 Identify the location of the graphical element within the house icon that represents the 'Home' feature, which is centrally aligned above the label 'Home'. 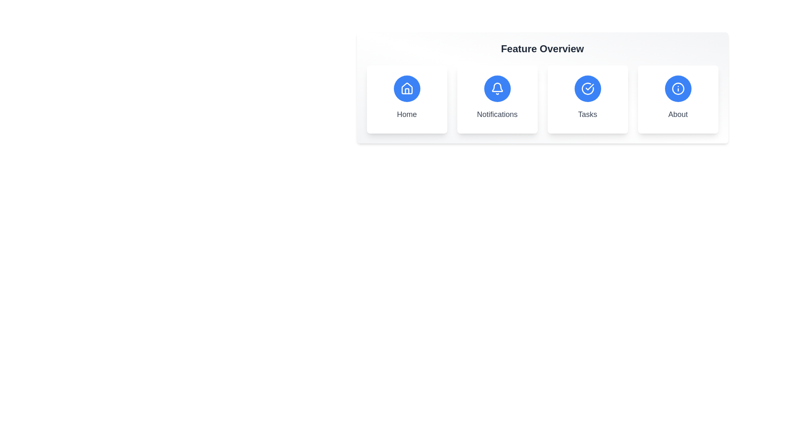
(407, 91).